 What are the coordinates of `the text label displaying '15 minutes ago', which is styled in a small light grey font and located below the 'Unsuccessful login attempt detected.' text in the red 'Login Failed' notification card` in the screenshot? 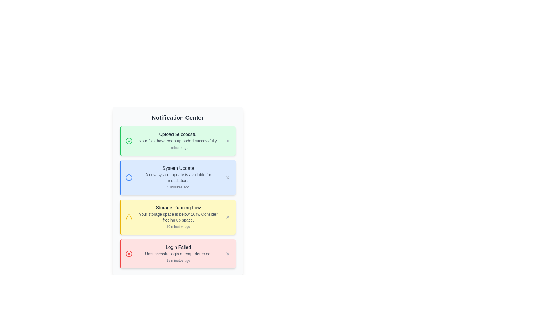 It's located at (178, 260).